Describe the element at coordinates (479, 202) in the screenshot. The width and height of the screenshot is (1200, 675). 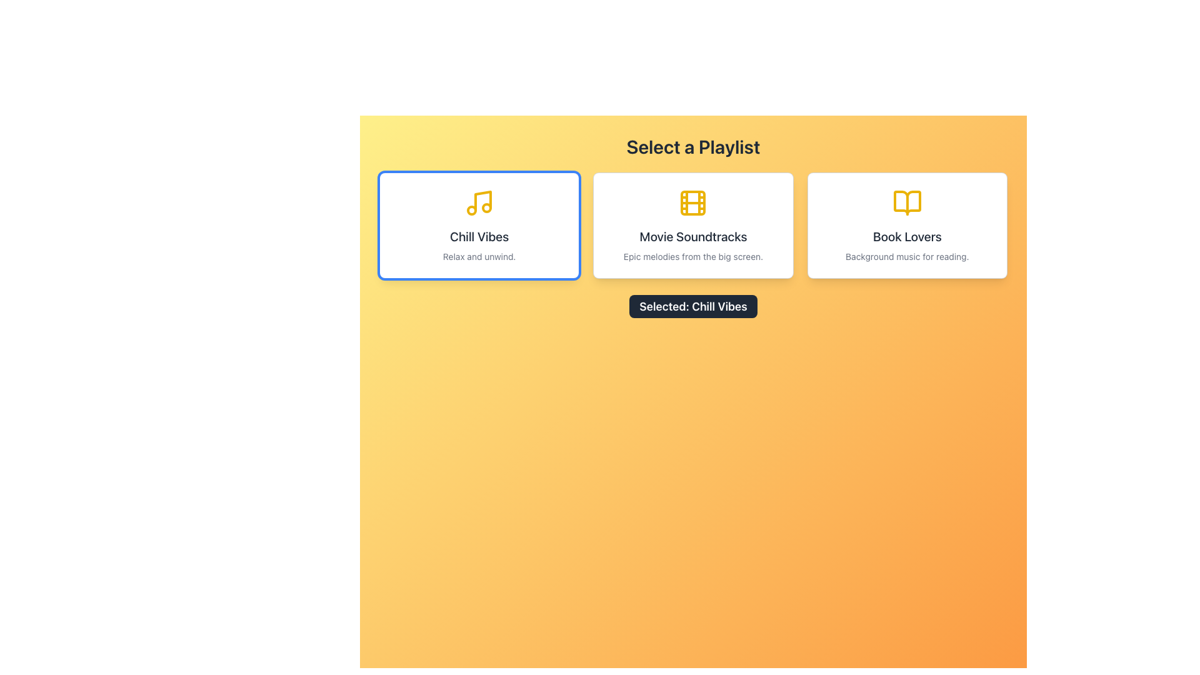
I see `the yellow music icon with two musical notes located at the top-center of the 'Chill Vibes' playlist card` at that location.